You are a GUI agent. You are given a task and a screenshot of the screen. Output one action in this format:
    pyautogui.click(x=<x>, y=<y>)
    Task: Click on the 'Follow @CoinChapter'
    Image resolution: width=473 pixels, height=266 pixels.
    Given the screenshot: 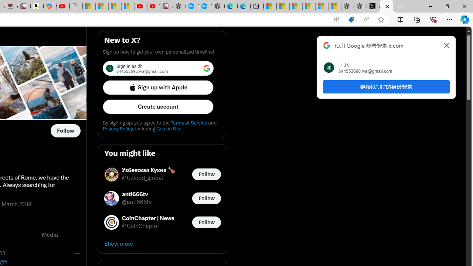 What is the action you would take?
    pyautogui.click(x=206, y=222)
    